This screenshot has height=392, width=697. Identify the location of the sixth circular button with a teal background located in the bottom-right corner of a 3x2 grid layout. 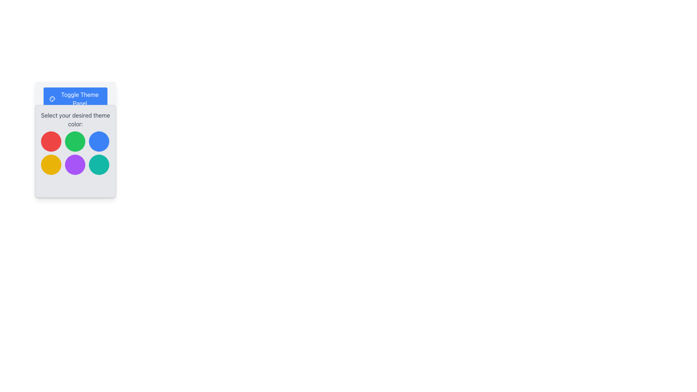
(99, 165).